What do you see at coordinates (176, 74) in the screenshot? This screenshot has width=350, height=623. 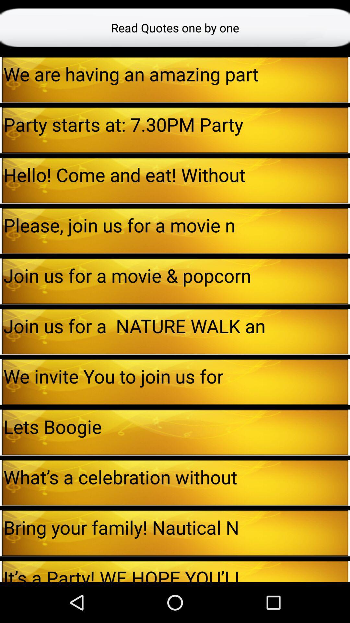 I see `we are having item` at bounding box center [176, 74].